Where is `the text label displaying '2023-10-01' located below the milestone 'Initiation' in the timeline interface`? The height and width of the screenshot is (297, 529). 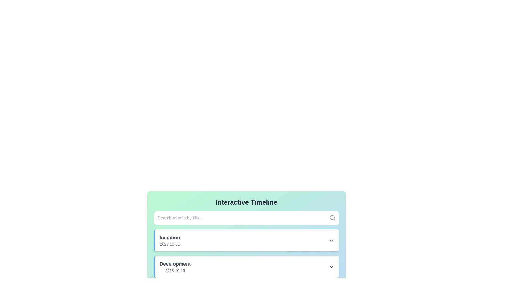
the text label displaying '2023-10-01' located below the milestone 'Initiation' in the timeline interface is located at coordinates (169, 244).